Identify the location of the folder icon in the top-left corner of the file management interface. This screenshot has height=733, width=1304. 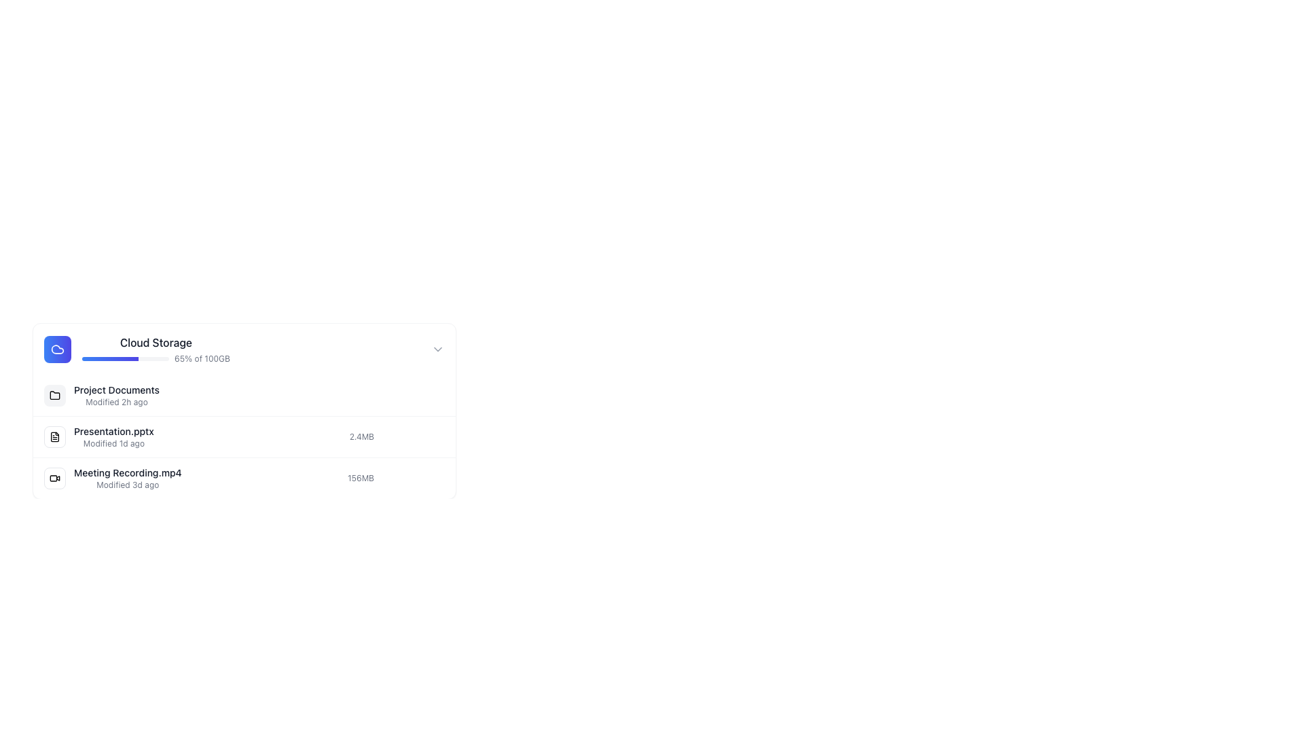
(54, 395).